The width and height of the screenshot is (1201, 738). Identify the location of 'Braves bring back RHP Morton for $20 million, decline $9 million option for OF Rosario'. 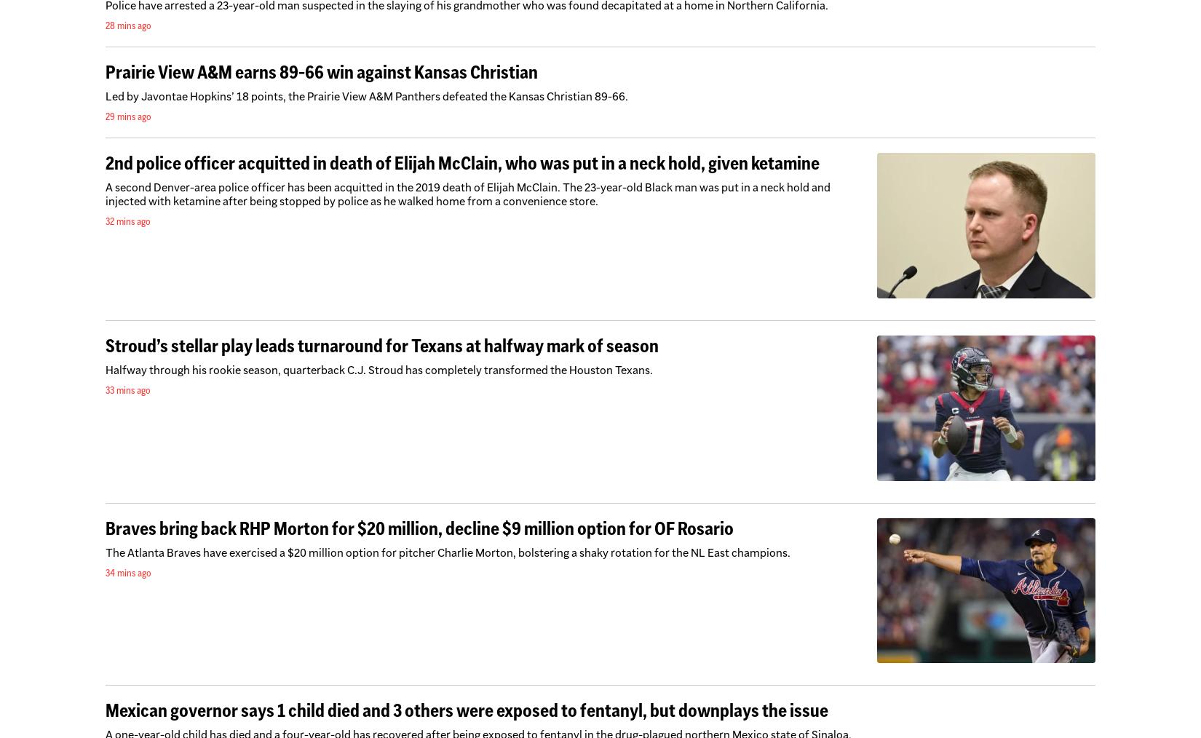
(419, 527).